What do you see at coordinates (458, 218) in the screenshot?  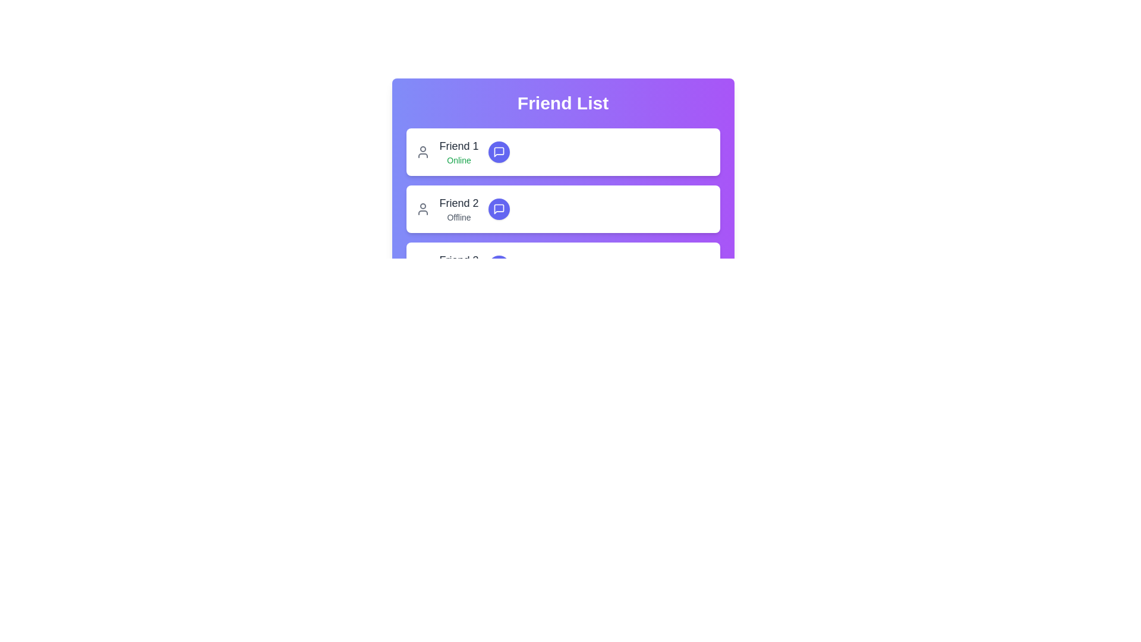 I see `the 'Offline' text label, which is styled in gray and located beneath 'Friend 2' in the user entries list` at bounding box center [458, 218].